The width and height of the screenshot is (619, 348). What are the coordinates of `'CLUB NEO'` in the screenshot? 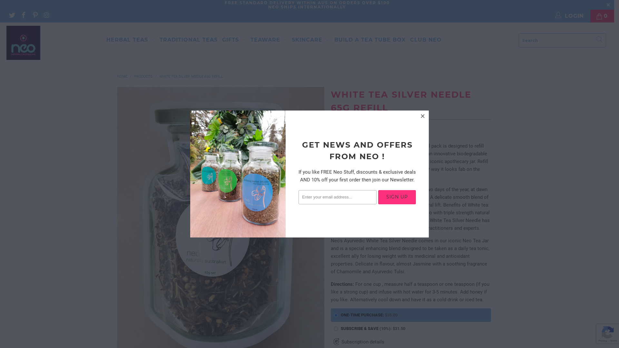 It's located at (426, 40).